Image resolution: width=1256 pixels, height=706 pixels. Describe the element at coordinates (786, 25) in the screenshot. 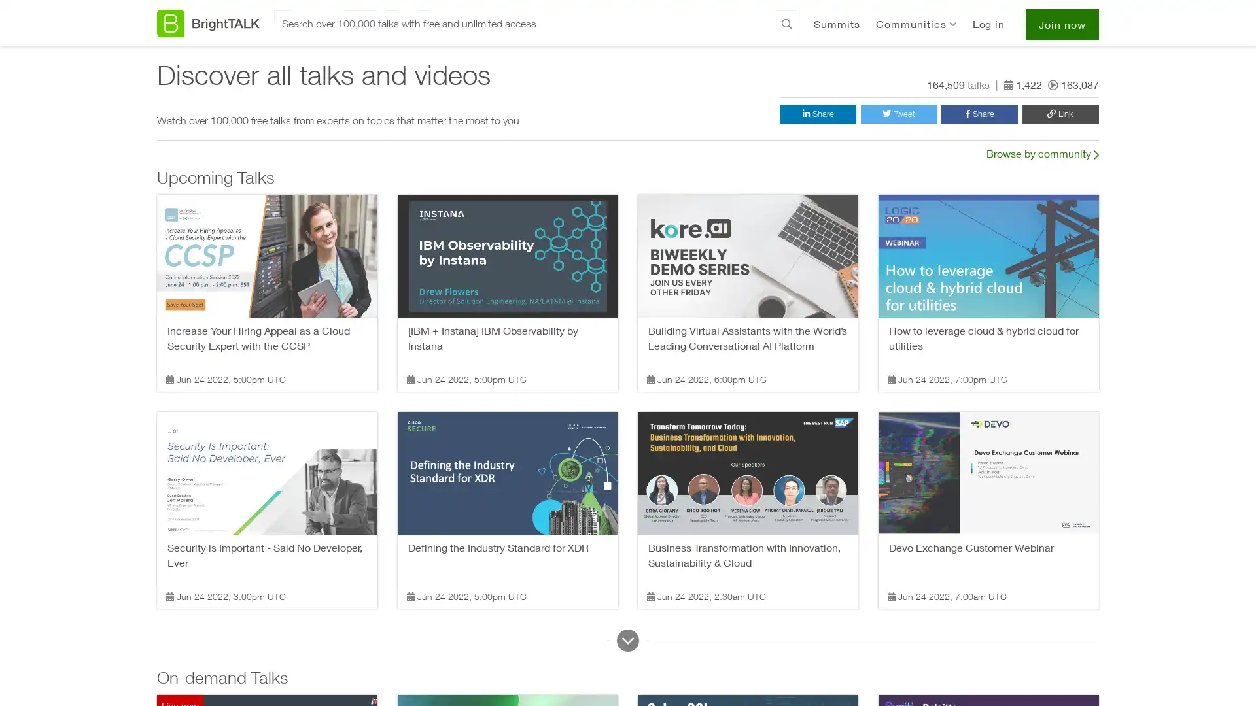

I see `Search BrightTALK` at that location.